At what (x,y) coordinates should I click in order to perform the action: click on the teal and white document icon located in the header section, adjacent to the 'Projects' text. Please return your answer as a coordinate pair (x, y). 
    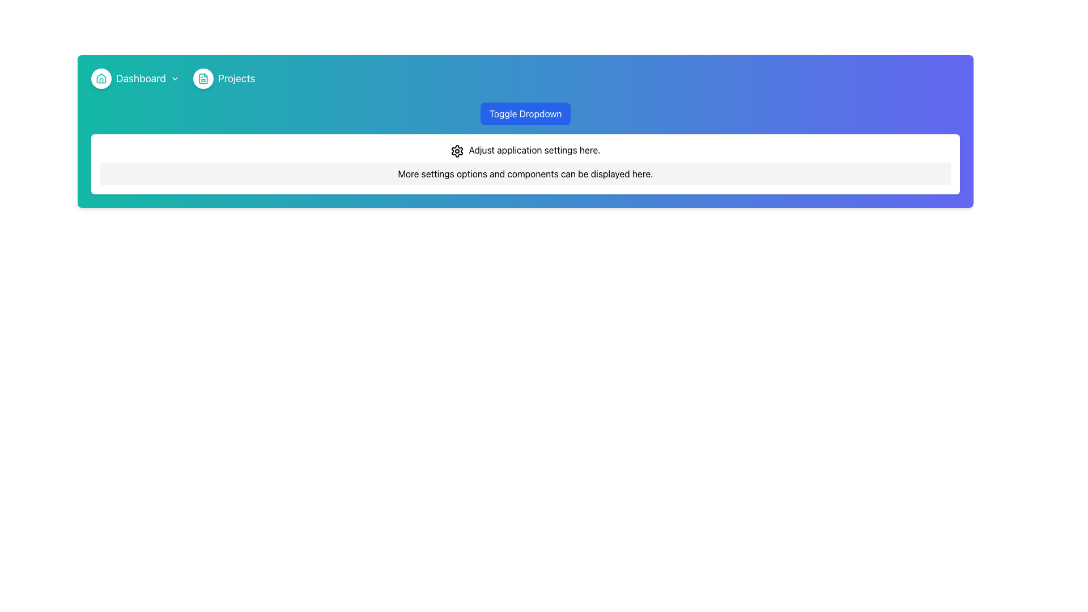
    Looking at the image, I should click on (203, 78).